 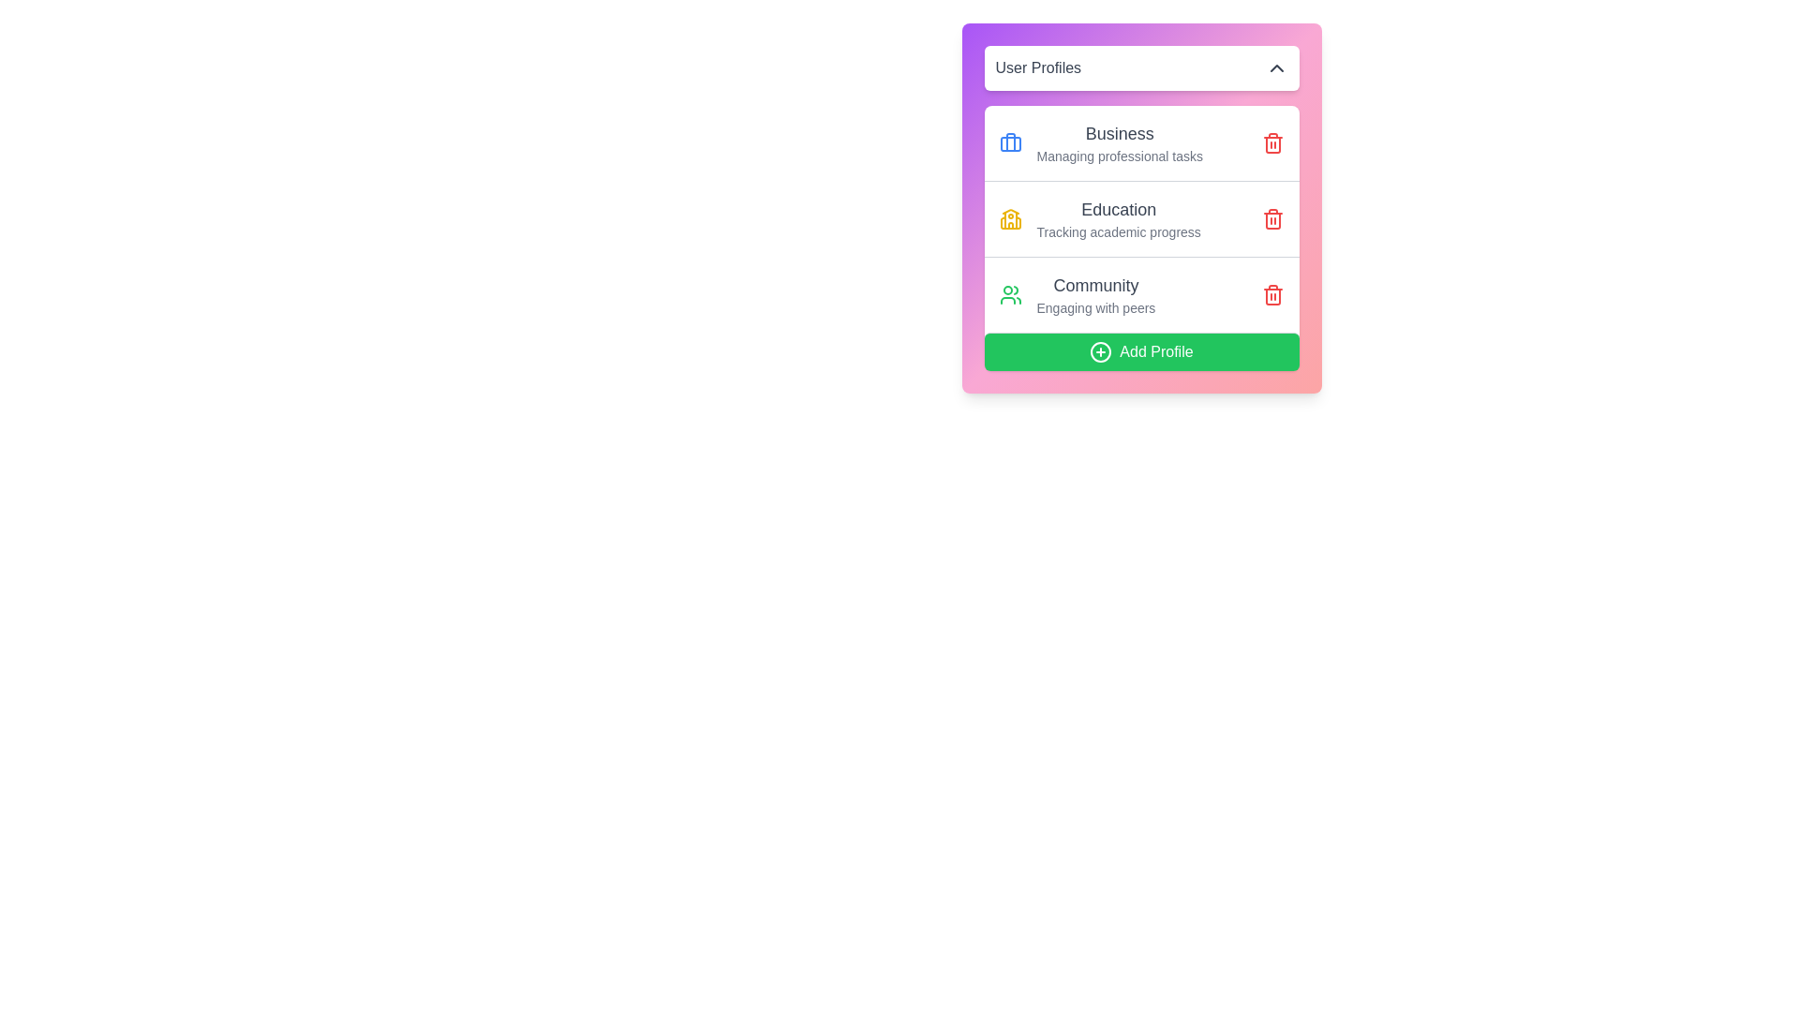 What do you see at coordinates (1140, 351) in the screenshot?
I see `the green button at the bottom of the panel to observe the hover effect before adding a new profile` at bounding box center [1140, 351].